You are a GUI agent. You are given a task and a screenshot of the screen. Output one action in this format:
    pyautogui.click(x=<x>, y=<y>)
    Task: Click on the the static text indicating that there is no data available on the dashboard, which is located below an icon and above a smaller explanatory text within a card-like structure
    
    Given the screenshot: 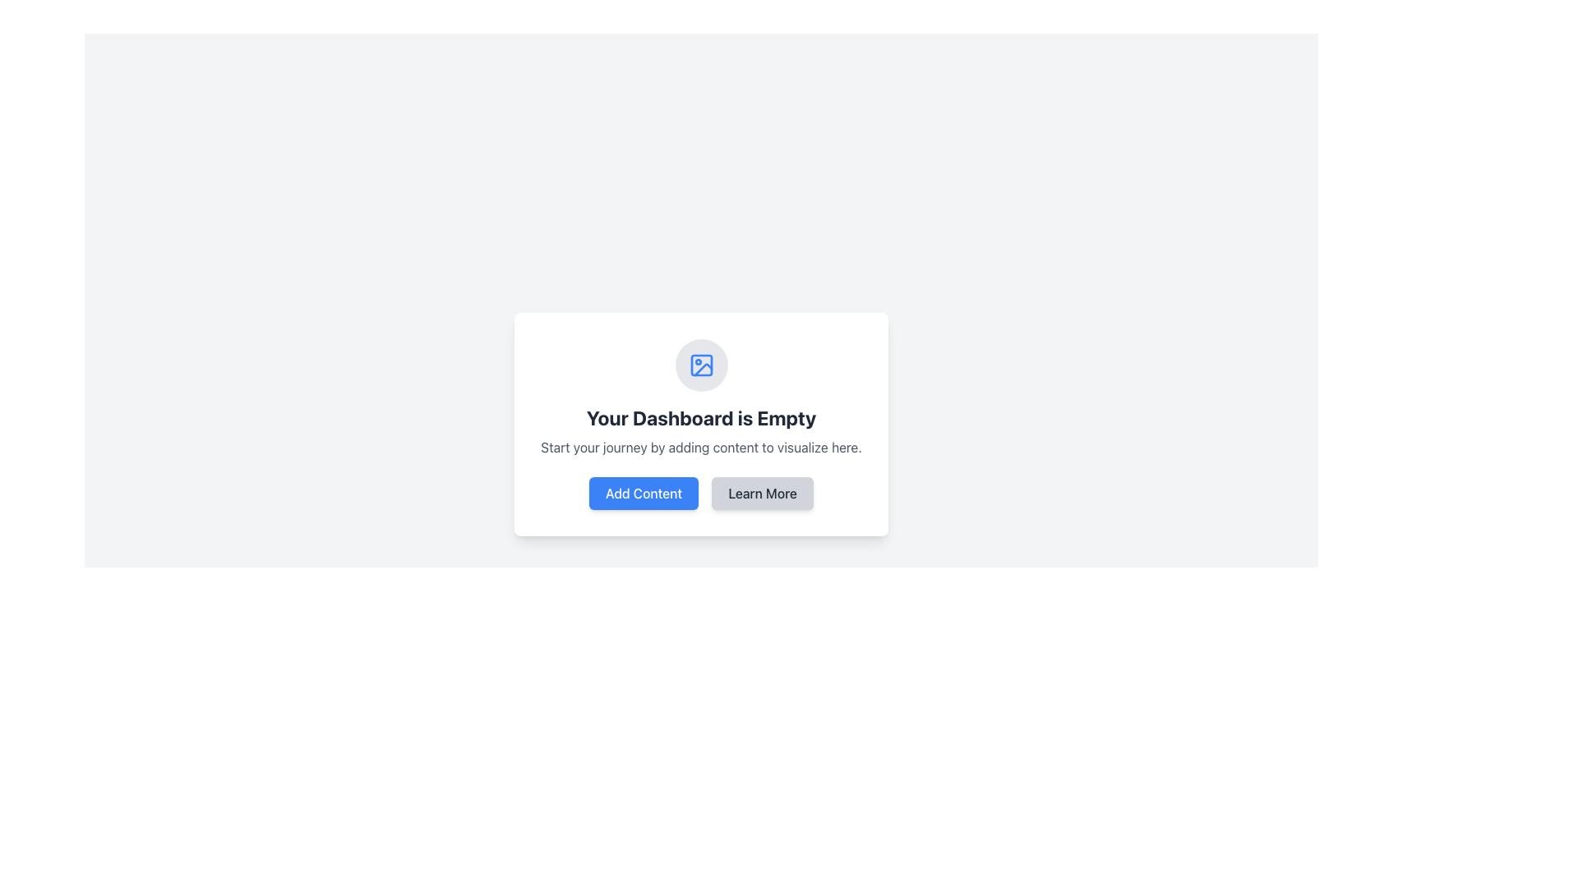 What is the action you would take?
    pyautogui.click(x=701, y=417)
    